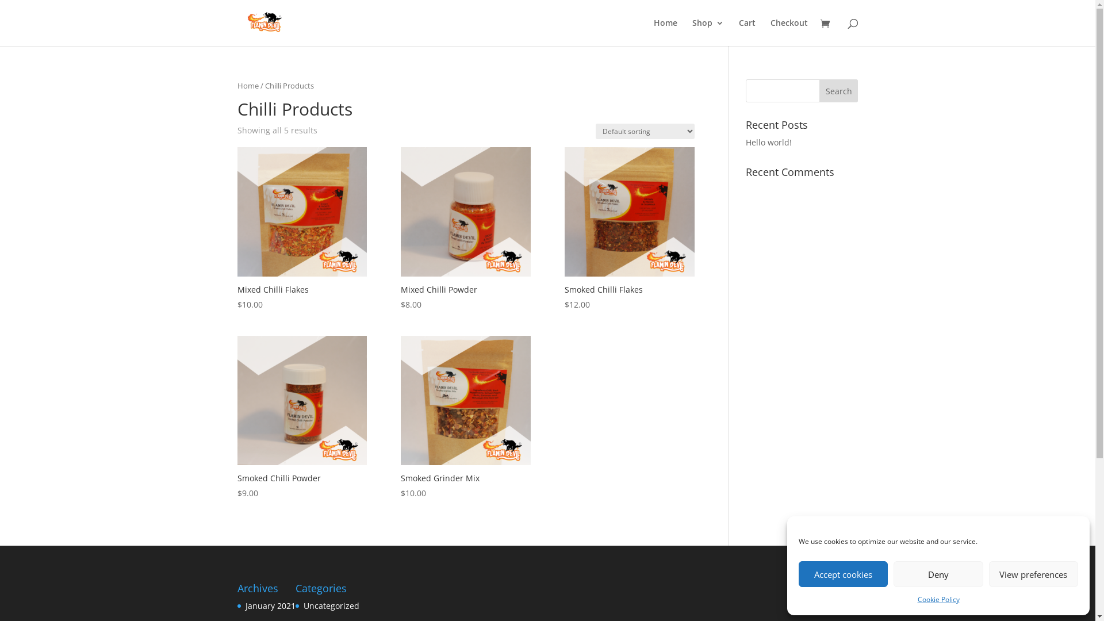  Describe the element at coordinates (400, 229) in the screenshot. I see `'Mixed Chilli Powder` at that location.